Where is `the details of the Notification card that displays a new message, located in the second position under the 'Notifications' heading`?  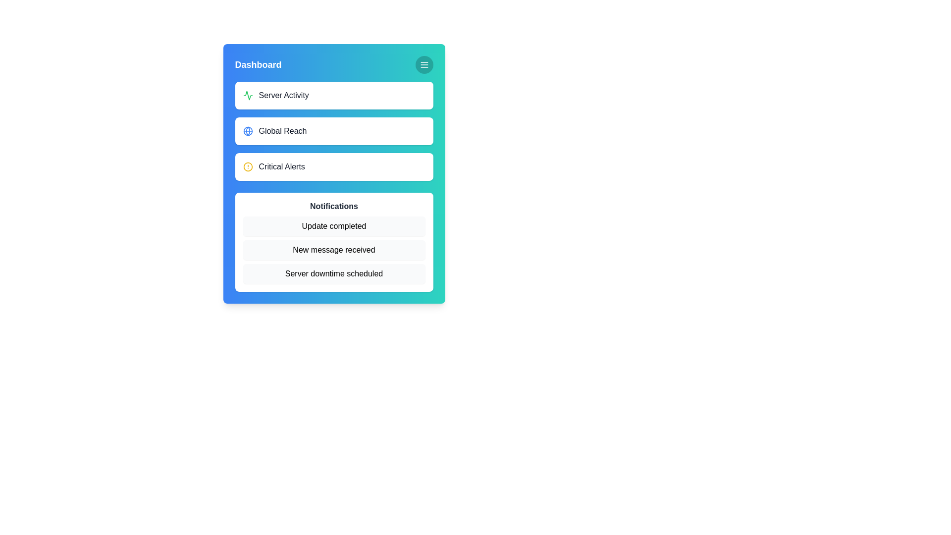 the details of the Notification card that displays a new message, located in the second position under the 'Notifications' heading is located at coordinates (334, 250).